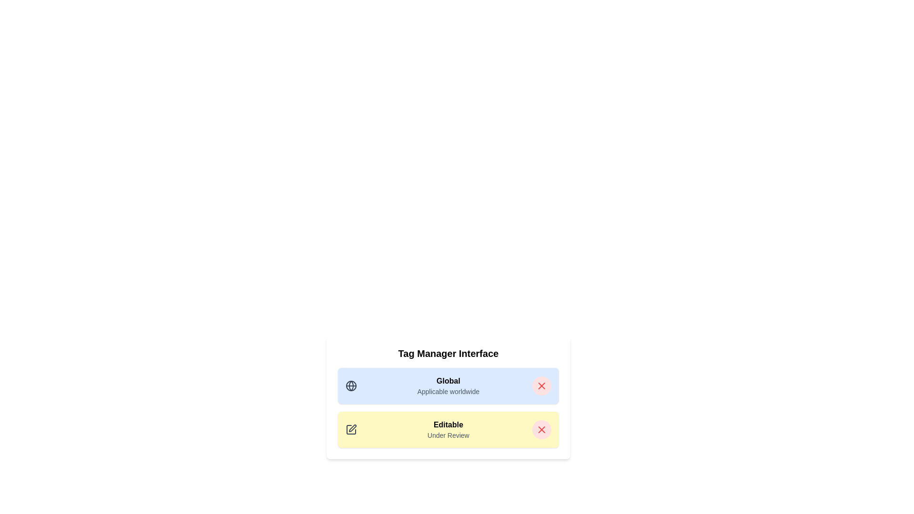 The image size is (914, 514). Describe the element at coordinates (541, 385) in the screenshot. I see `delete button for the tag labeled Global` at that location.